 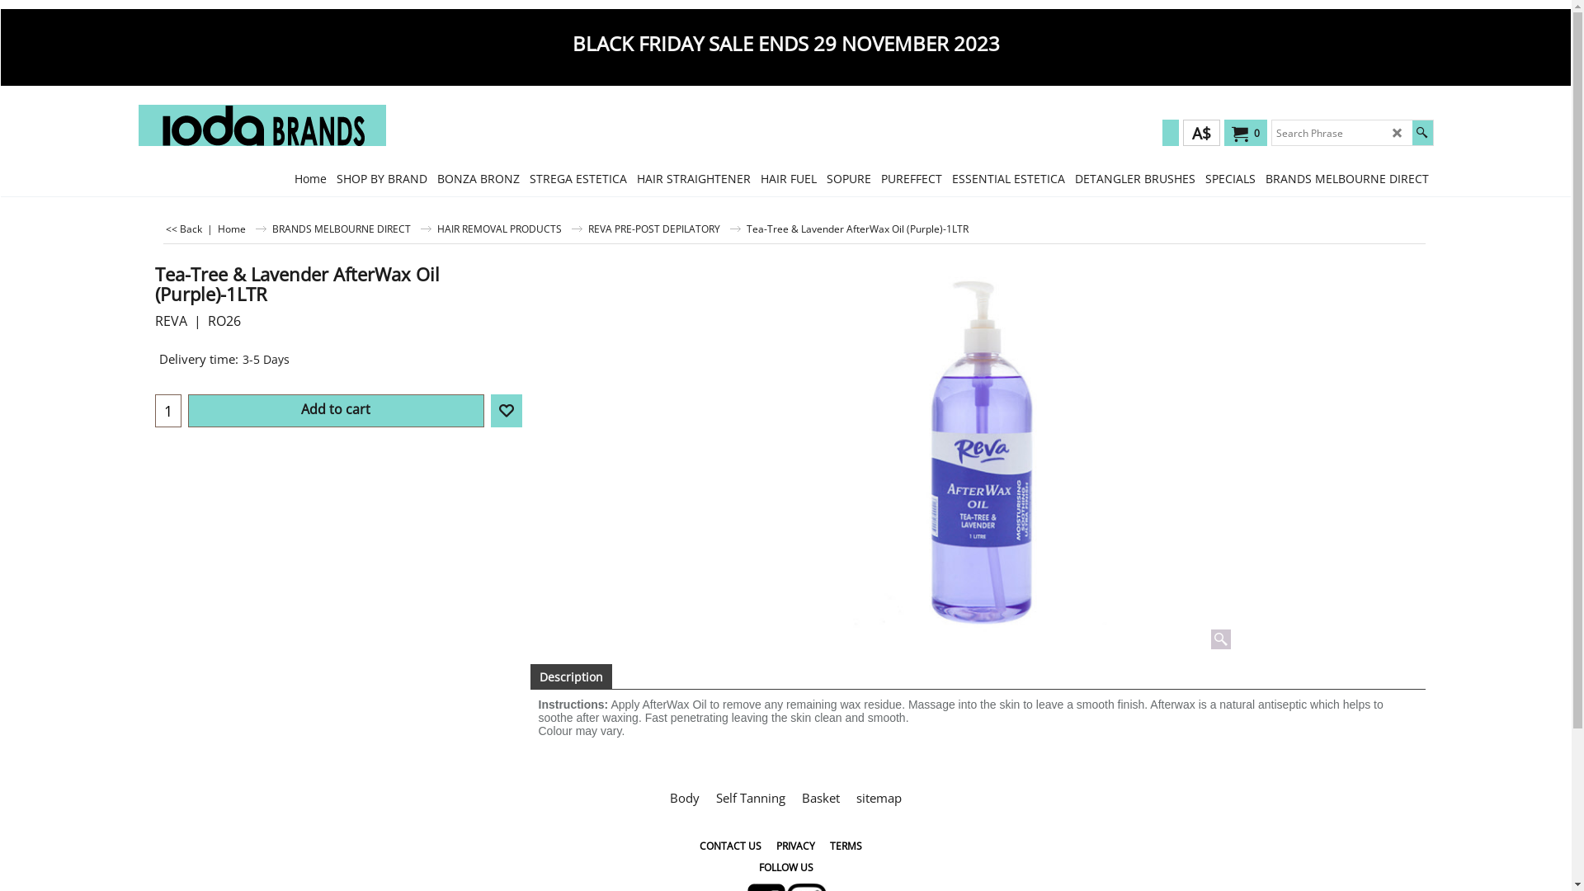 I want to click on 'LD_CANCEL', so click(x=1396, y=132).